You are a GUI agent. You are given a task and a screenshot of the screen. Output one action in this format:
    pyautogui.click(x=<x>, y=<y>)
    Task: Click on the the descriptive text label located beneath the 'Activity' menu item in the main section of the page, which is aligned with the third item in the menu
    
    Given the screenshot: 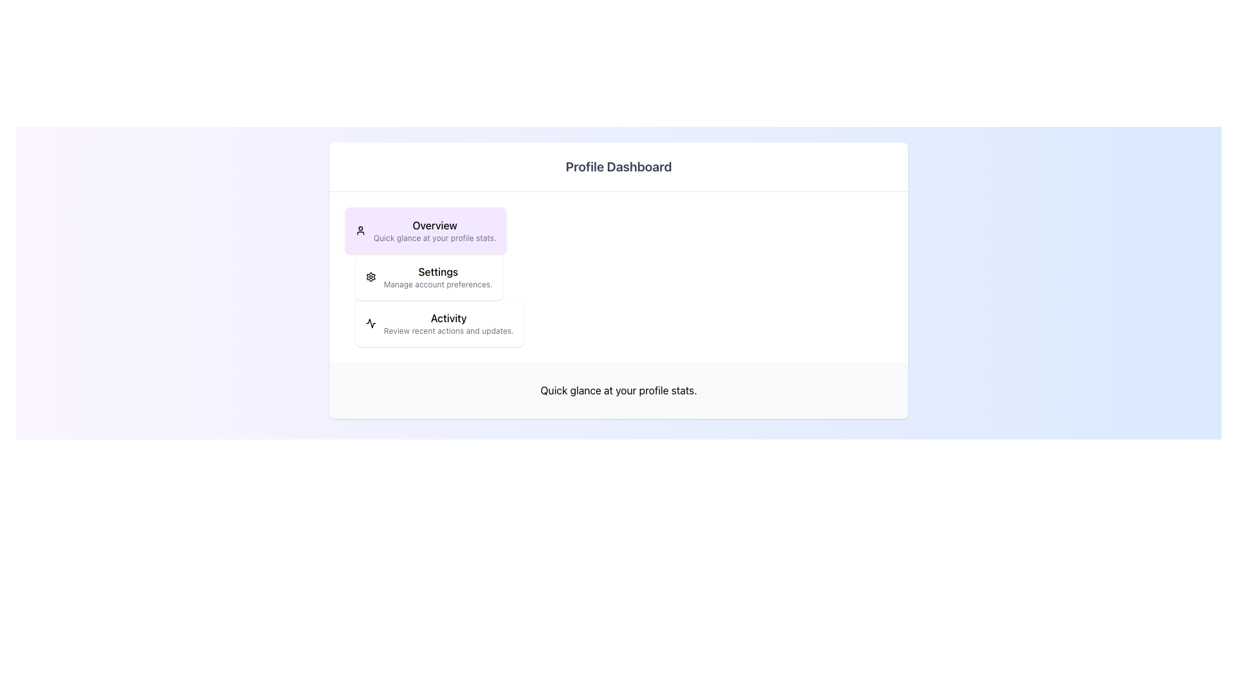 What is the action you would take?
    pyautogui.click(x=448, y=330)
    